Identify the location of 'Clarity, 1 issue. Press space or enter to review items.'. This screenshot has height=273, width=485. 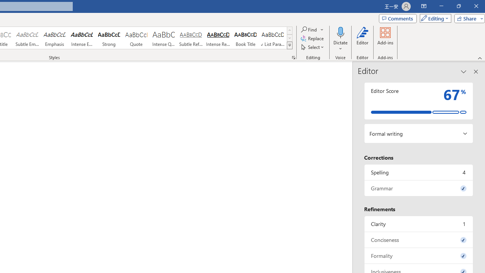
(418, 223).